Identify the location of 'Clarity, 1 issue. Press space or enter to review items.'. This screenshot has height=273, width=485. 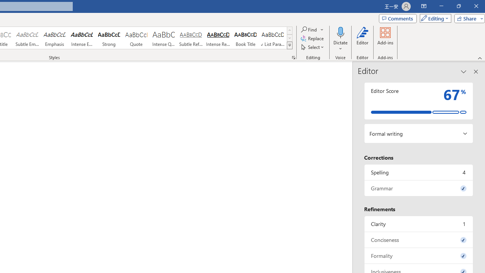
(418, 223).